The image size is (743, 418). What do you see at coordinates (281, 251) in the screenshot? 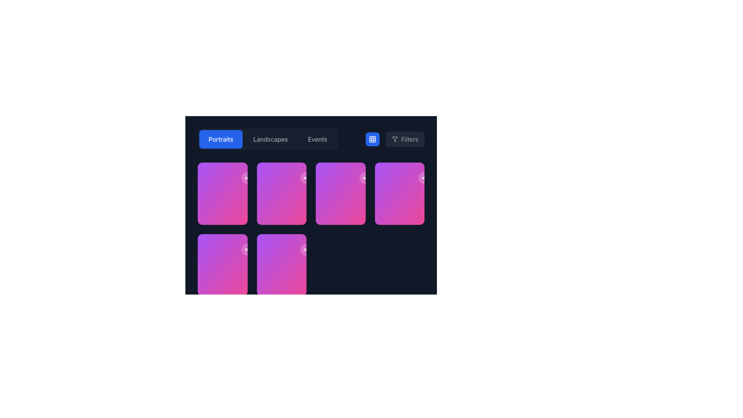
I see `the 'Natural Light' card located at the bottom-middle of the interface` at bounding box center [281, 251].